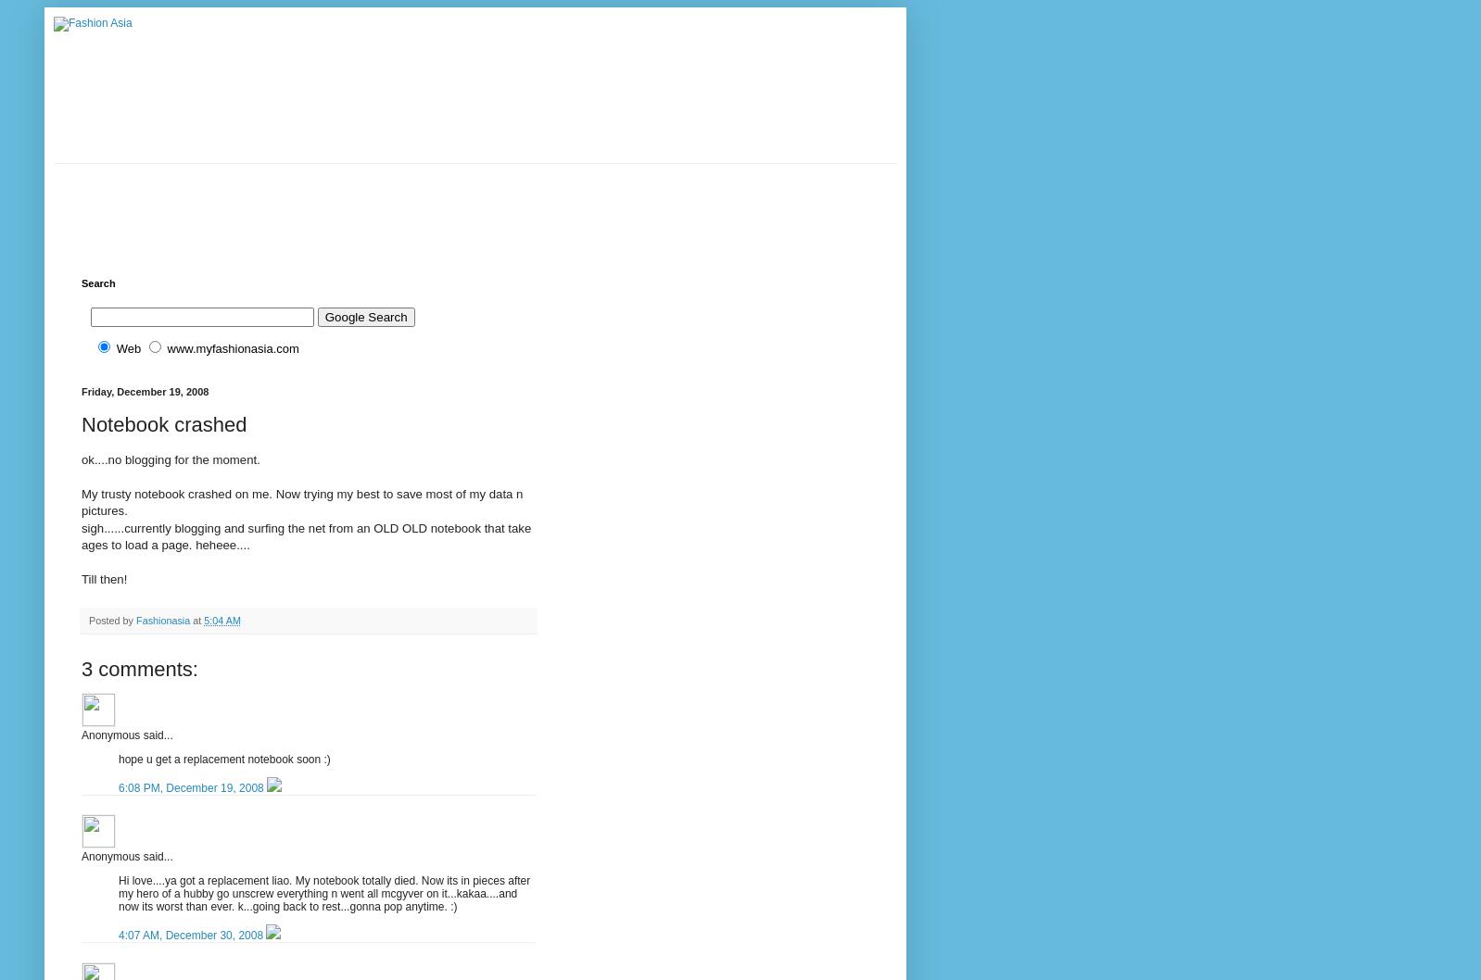  Describe the element at coordinates (127, 348) in the screenshot. I see `'Web'` at that location.